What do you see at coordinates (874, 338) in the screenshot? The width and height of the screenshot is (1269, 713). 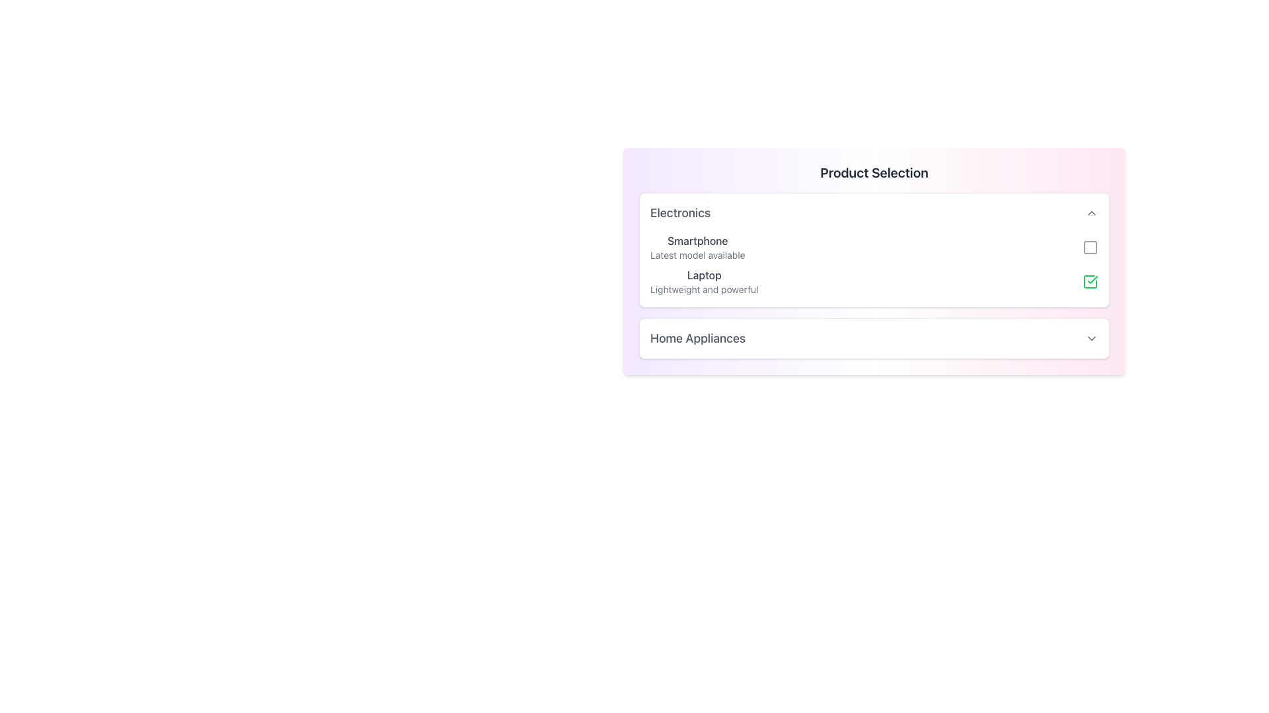 I see `the arrow of the Dropdown Menu related to 'Home Appliances'` at bounding box center [874, 338].